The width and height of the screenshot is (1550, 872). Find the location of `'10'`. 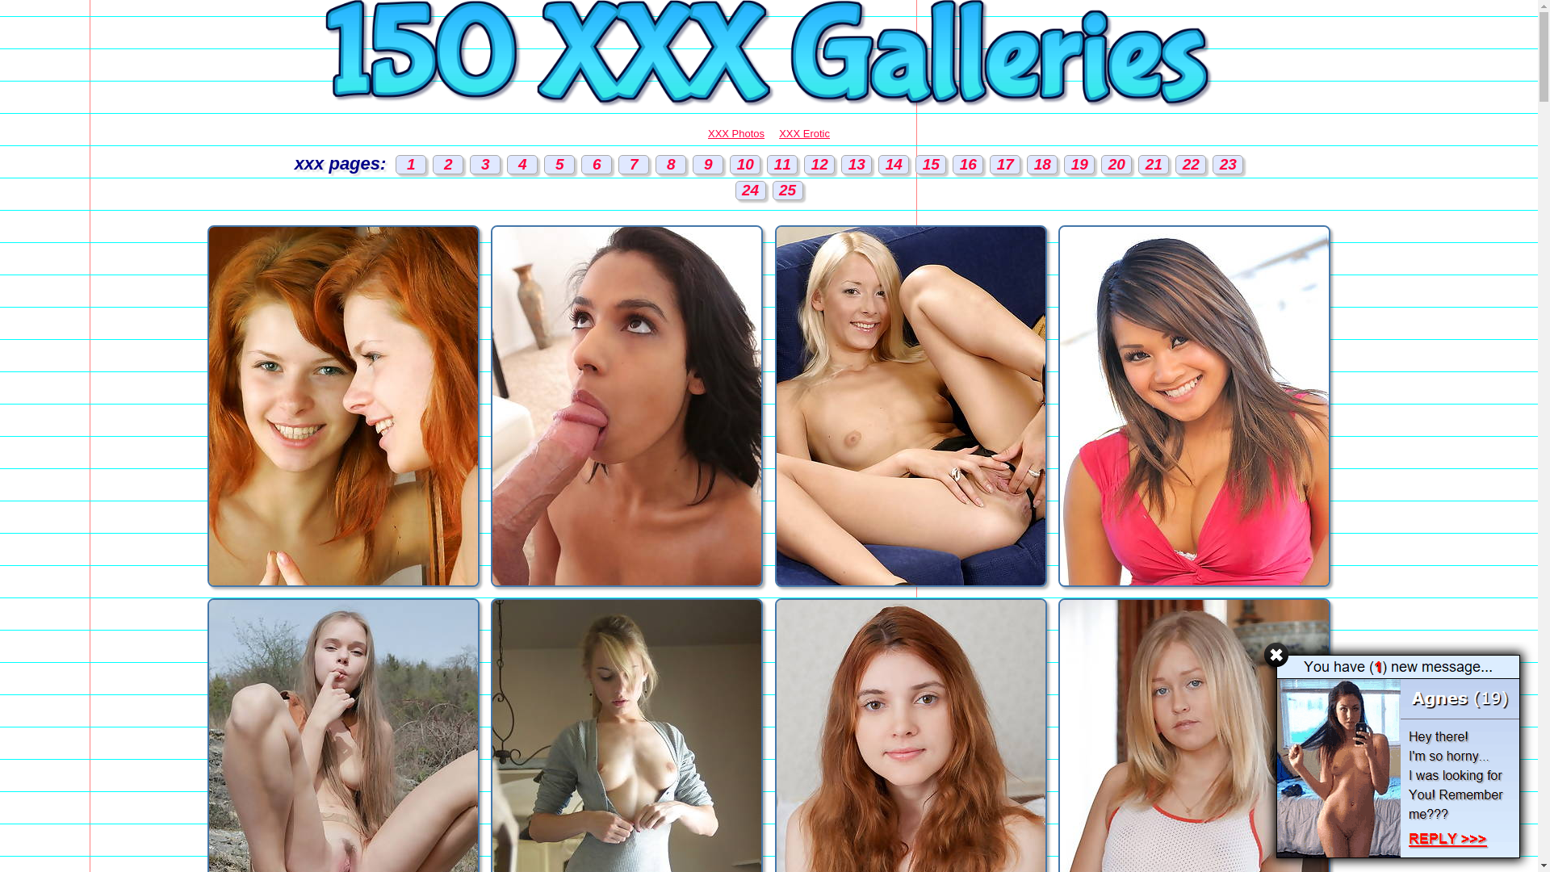

'10' is located at coordinates (728, 165).